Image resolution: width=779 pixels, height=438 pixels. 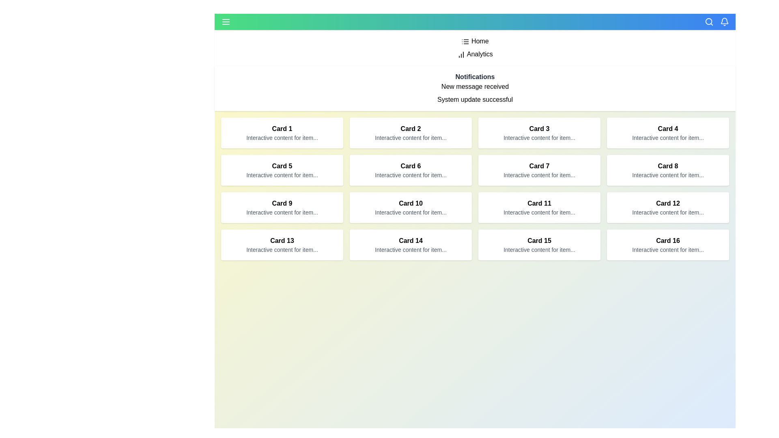 I want to click on the search icon located in the top-right corner of the app bar, so click(x=708, y=21).